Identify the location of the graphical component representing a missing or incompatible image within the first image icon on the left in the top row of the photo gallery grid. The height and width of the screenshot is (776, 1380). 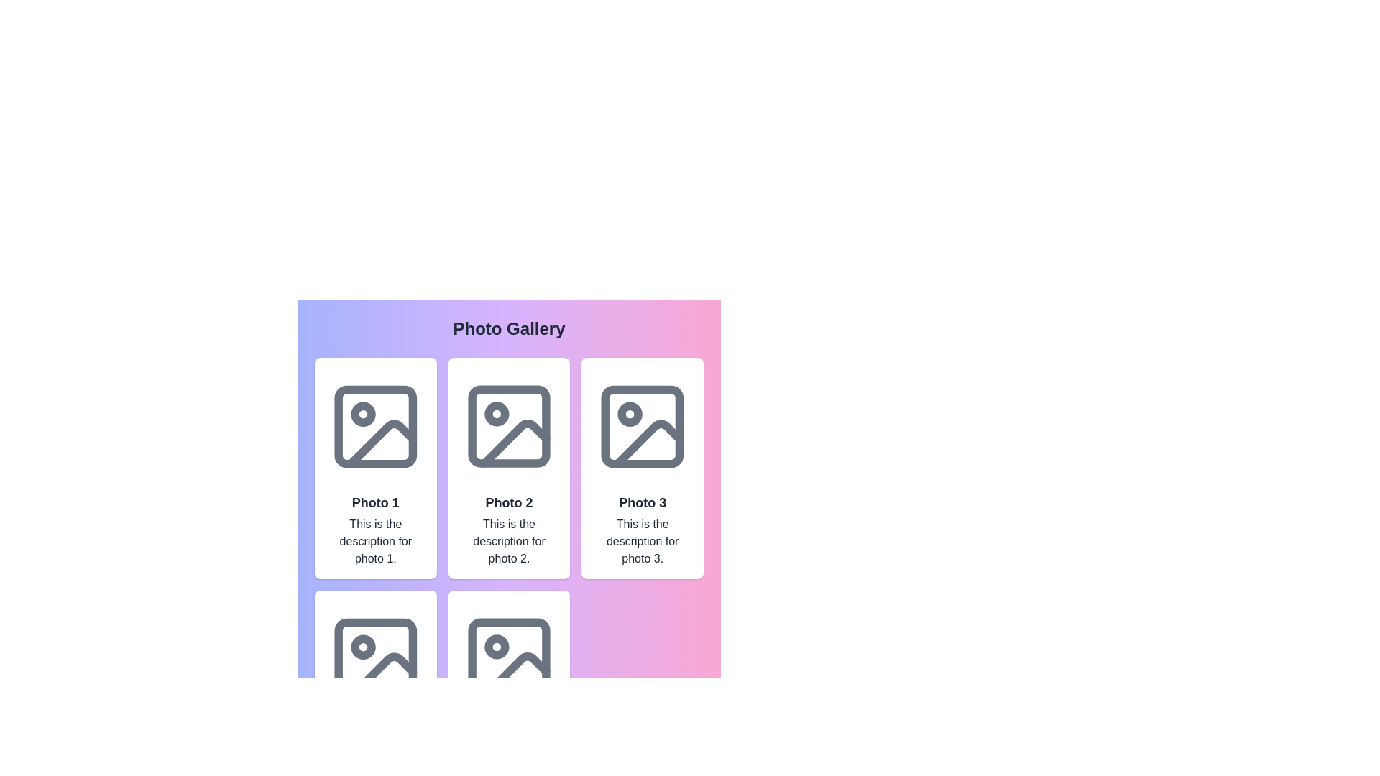
(382, 443).